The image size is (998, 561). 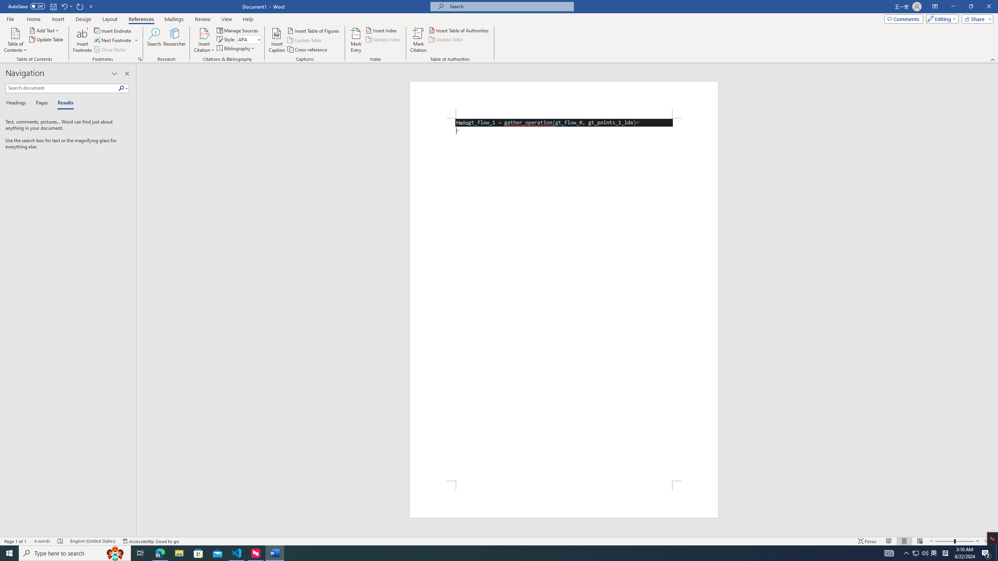 What do you see at coordinates (17, 103) in the screenshot?
I see `'Headings'` at bounding box center [17, 103].